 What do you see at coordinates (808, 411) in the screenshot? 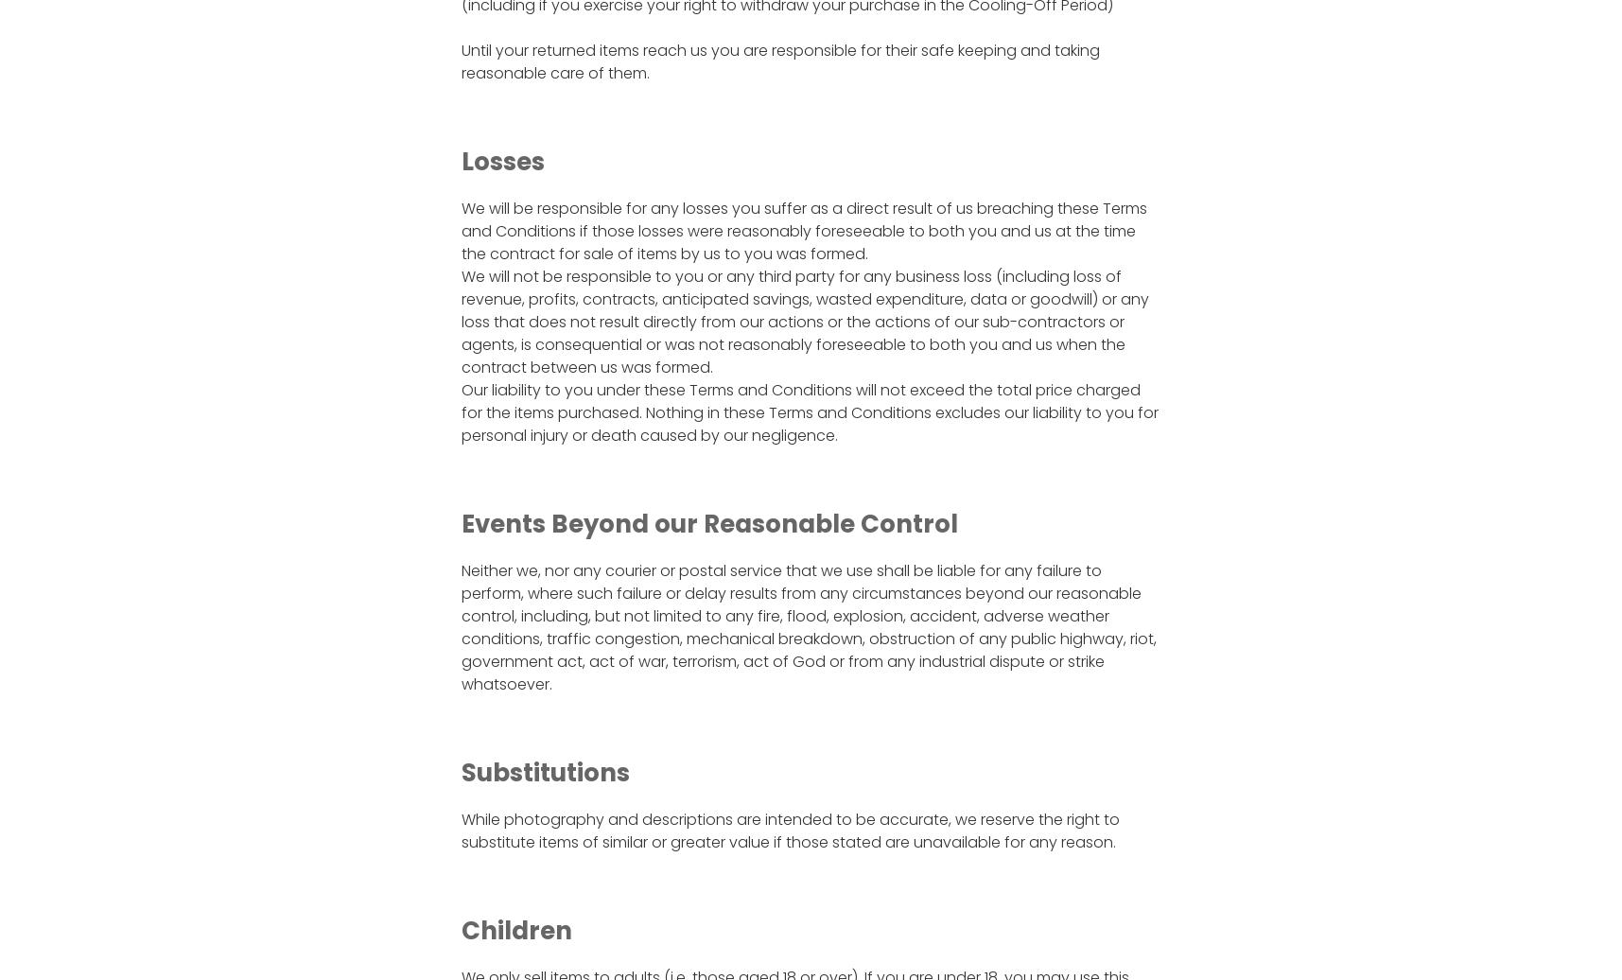
I see `'Our liability to you under these Terms and Conditions will not exceed the total price charged for the items purchased. Nothing in these Terms and Conditions excludes our liability to you for personal injury or death caused by our negligence.'` at bounding box center [808, 411].